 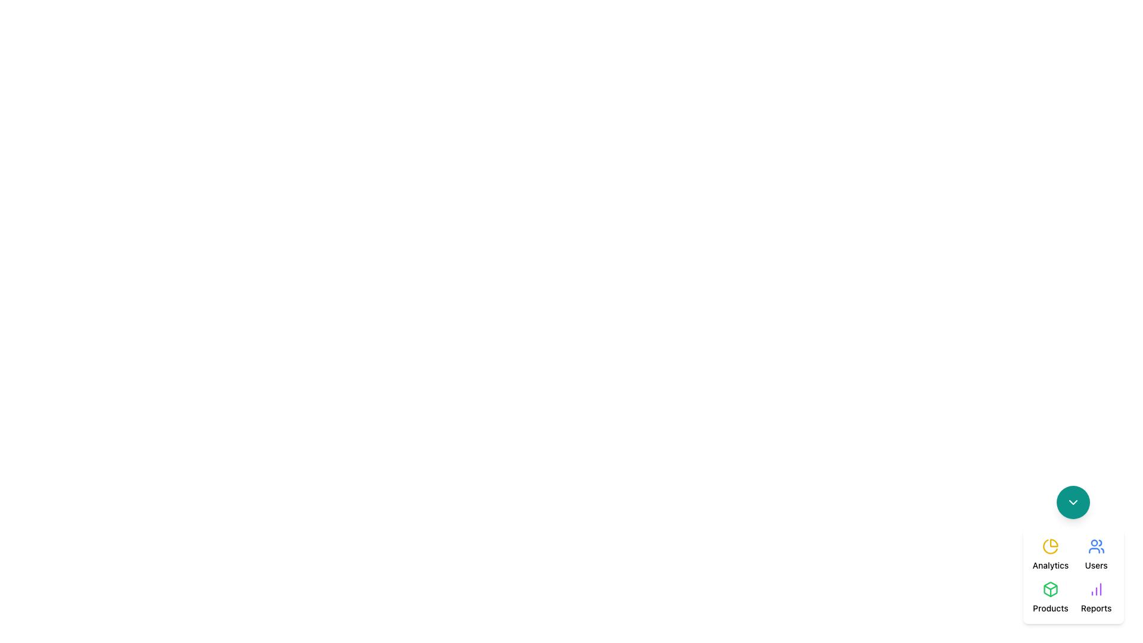 I want to click on the 'Reports' label located in the bottom-right corner of the interface, positioned below the purple bar chart icon, so click(x=1095, y=608).